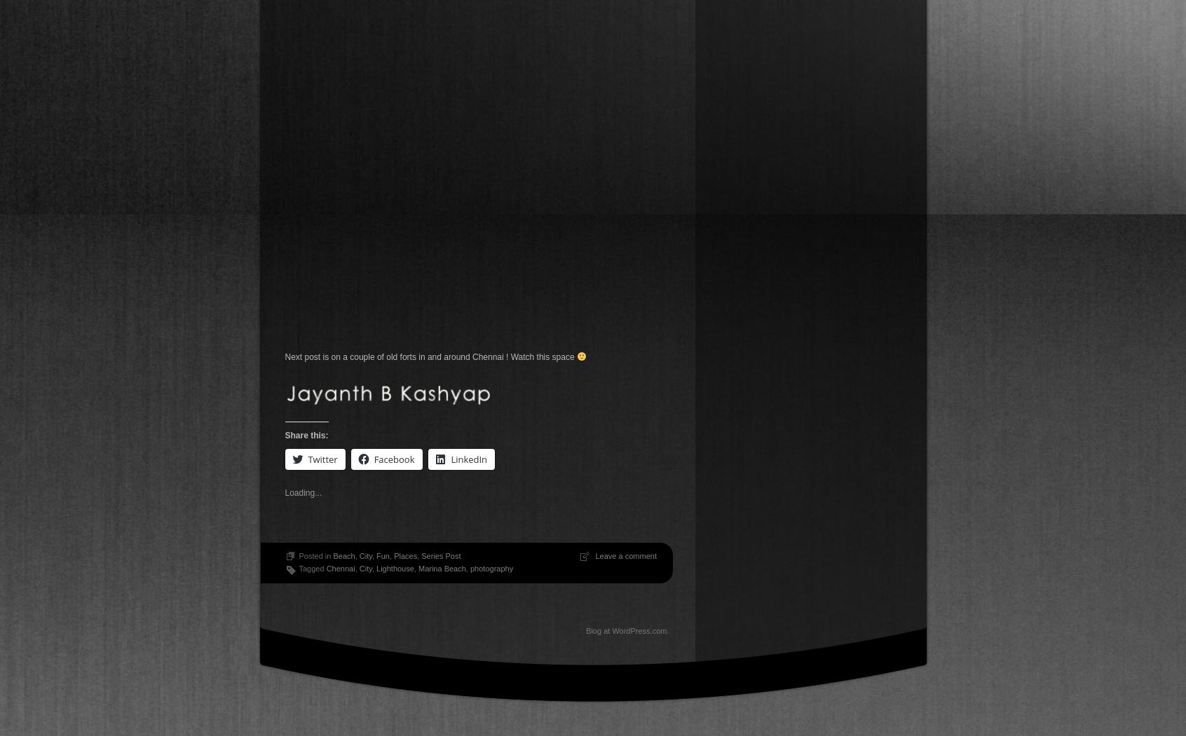  What do you see at coordinates (439, 555) in the screenshot?
I see `'Series Post'` at bounding box center [439, 555].